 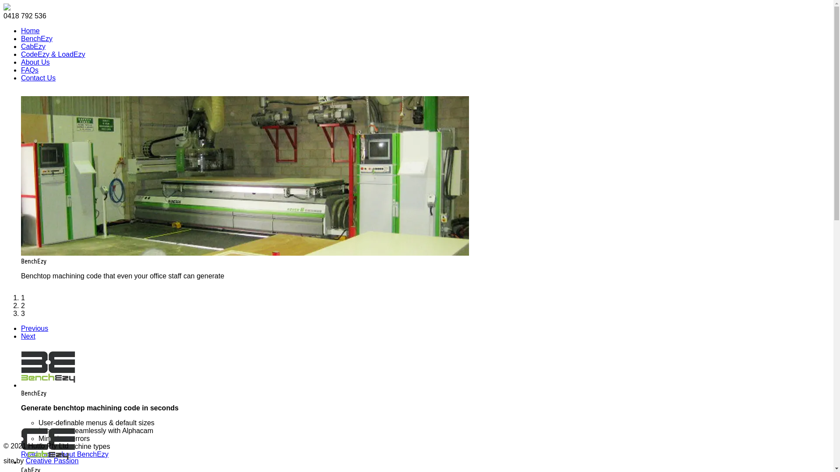 What do you see at coordinates (28, 336) in the screenshot?
I see `'Next'` at bounding box center [28, 336].